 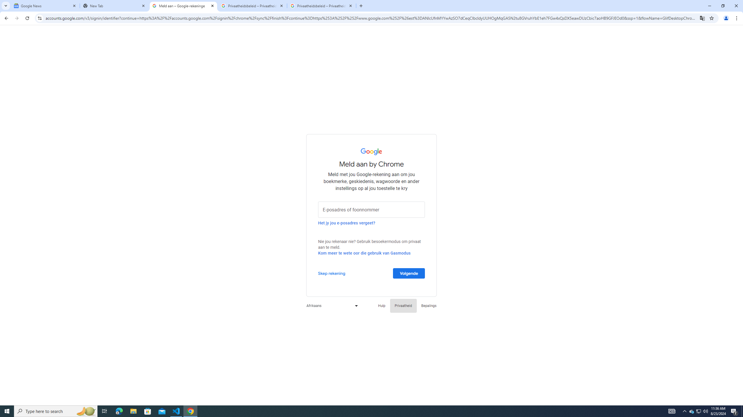 What do you see at coordinates (409, 273) in the screenshot?
I see `'Volgende'` at bounding box center [409, 273].